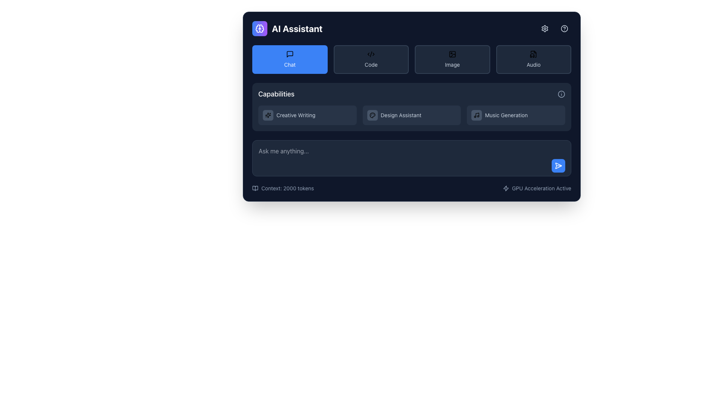 This screenshot has width=724, height=407. What do you see at coordinates (411, 59) in the screenshot?
I see `the 'Image' button in the Navigation Menu` at bounding box center [411, 59].